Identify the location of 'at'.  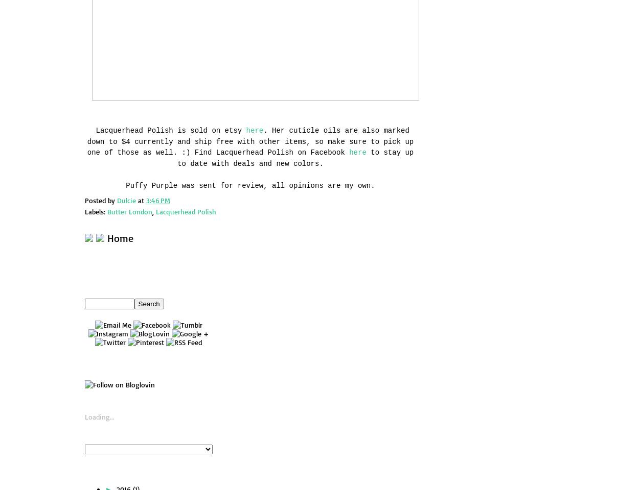
(142, 199).